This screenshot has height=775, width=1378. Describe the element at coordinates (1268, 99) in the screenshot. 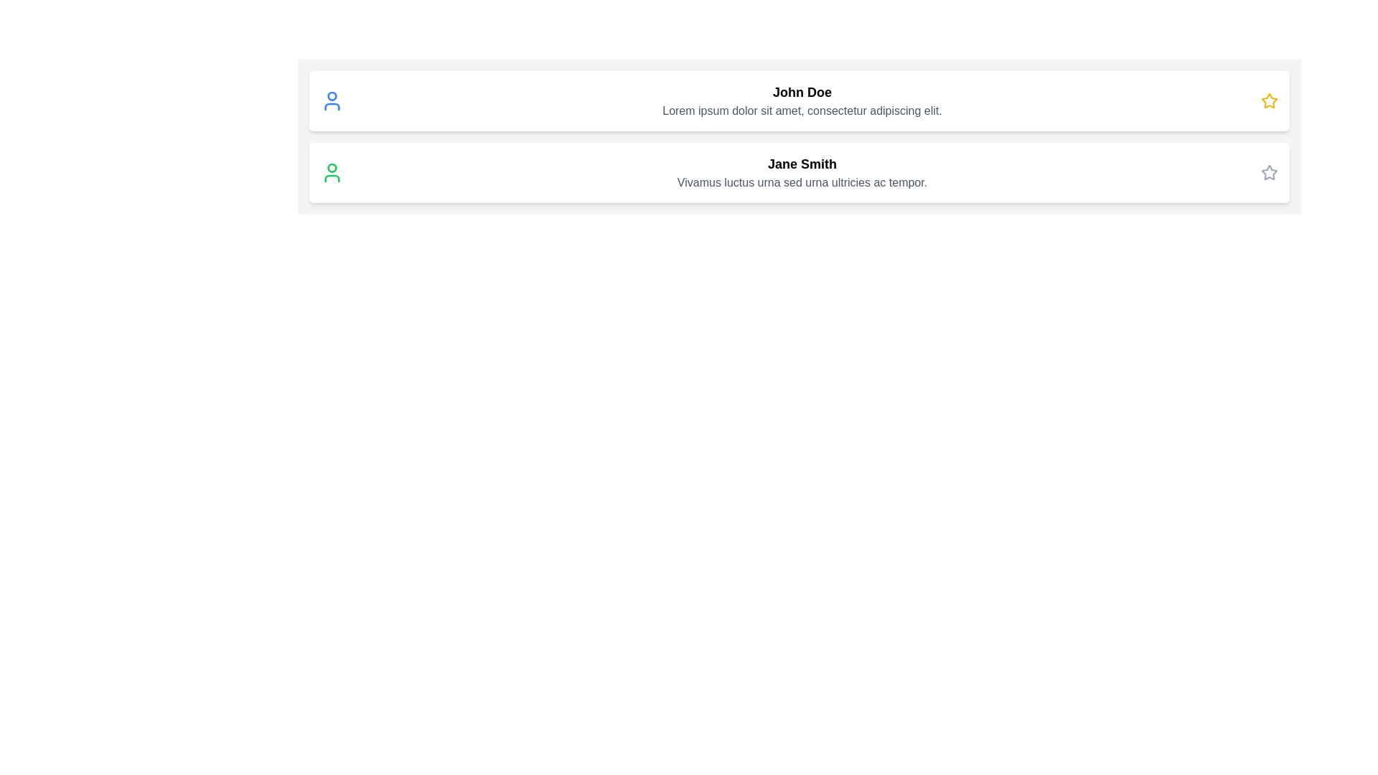

I see `the status indicator icon located at the far right of the second row` at that location.